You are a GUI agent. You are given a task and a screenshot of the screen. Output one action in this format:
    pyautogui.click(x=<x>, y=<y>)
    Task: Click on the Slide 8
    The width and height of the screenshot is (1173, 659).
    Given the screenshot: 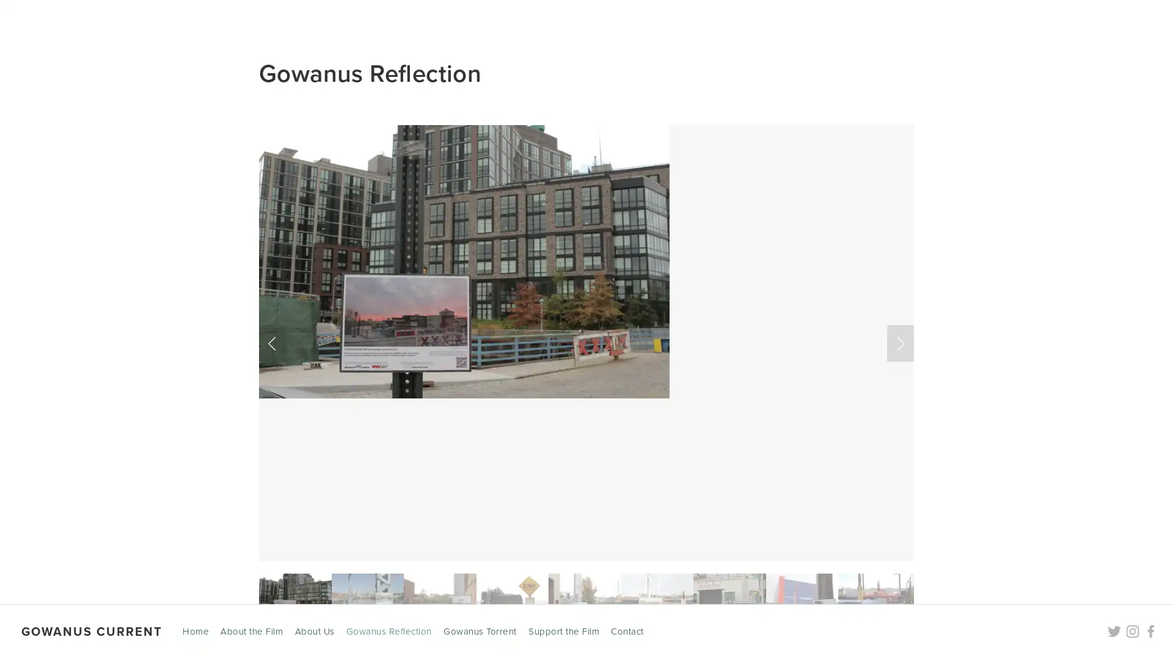 What is the action you would take?
    pyautogui.click(x=802, y=596)
    